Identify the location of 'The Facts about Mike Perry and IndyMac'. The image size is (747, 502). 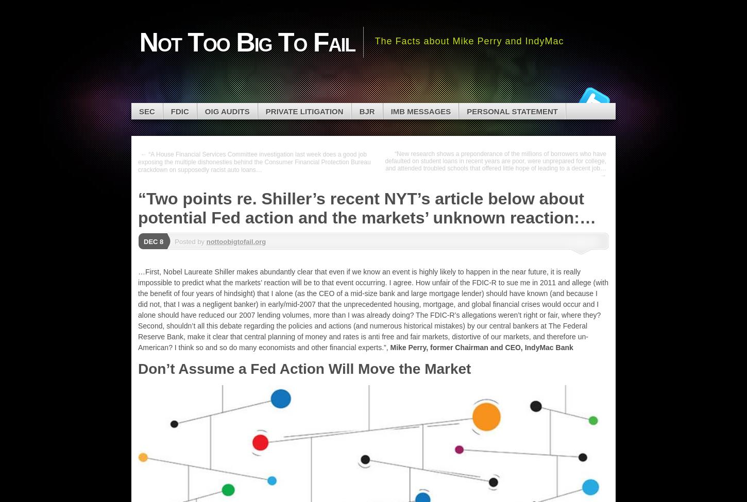
(468, 40).